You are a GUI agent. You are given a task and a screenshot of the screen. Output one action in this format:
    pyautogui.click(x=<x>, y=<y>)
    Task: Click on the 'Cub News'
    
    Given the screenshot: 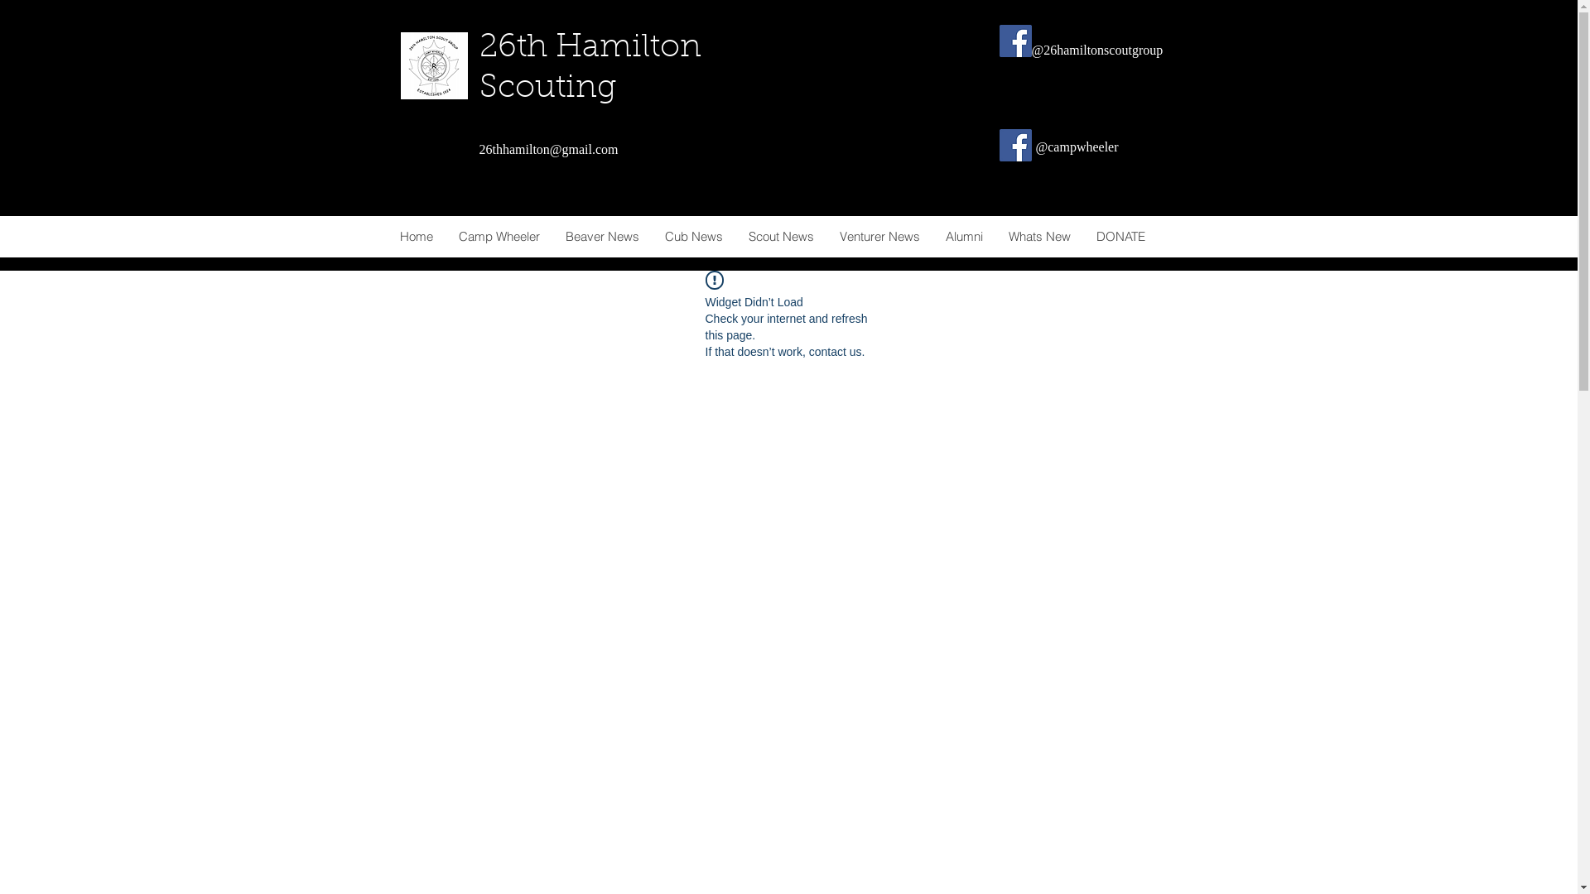 What is the action you would take?
    pyautogui.click(x=692, y=236)
    